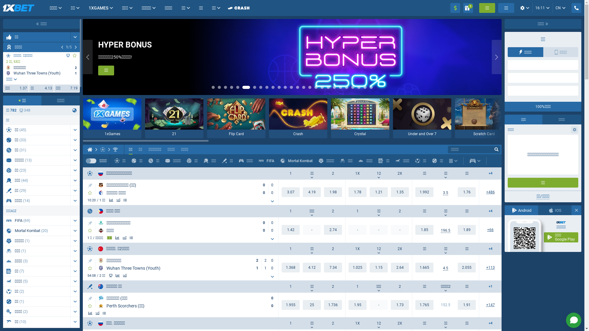  What do you see at coordinates (98, 8) in the screenshot?
I see `'1XGAMES'` at bounding box center [98, 8].